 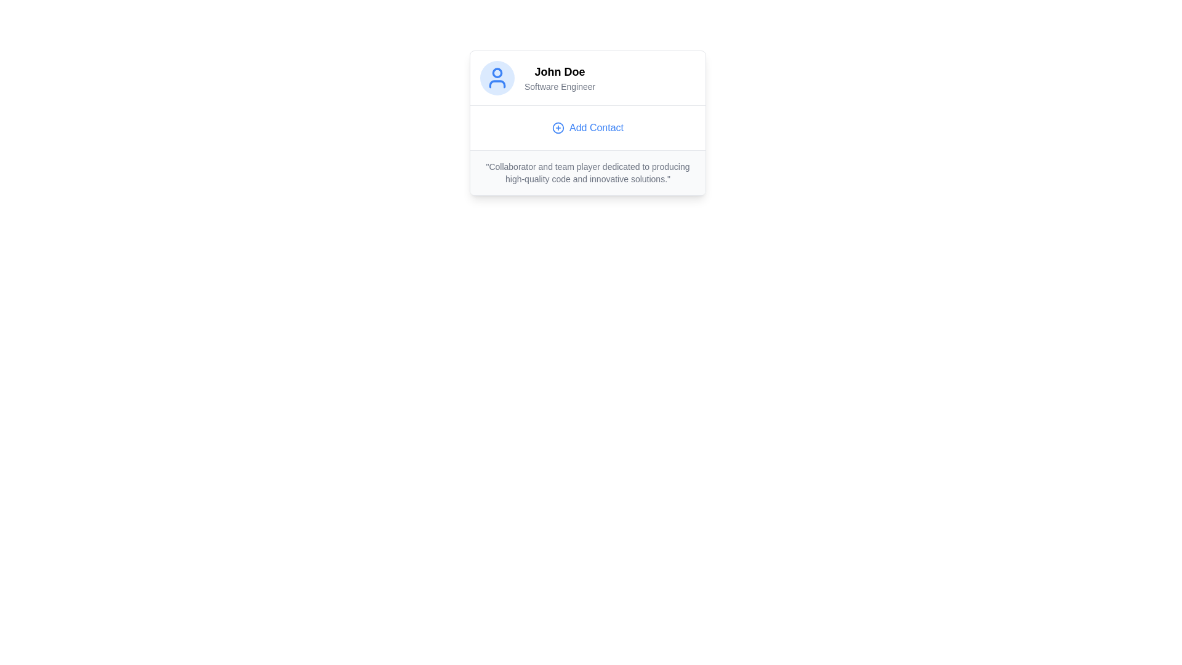 I want to click on the text label displaying 'John Doe', which is styled in bold and larger size, located in the top-left corner of the card, above the 'Software Engineer' label, so click(x=559, y=71).